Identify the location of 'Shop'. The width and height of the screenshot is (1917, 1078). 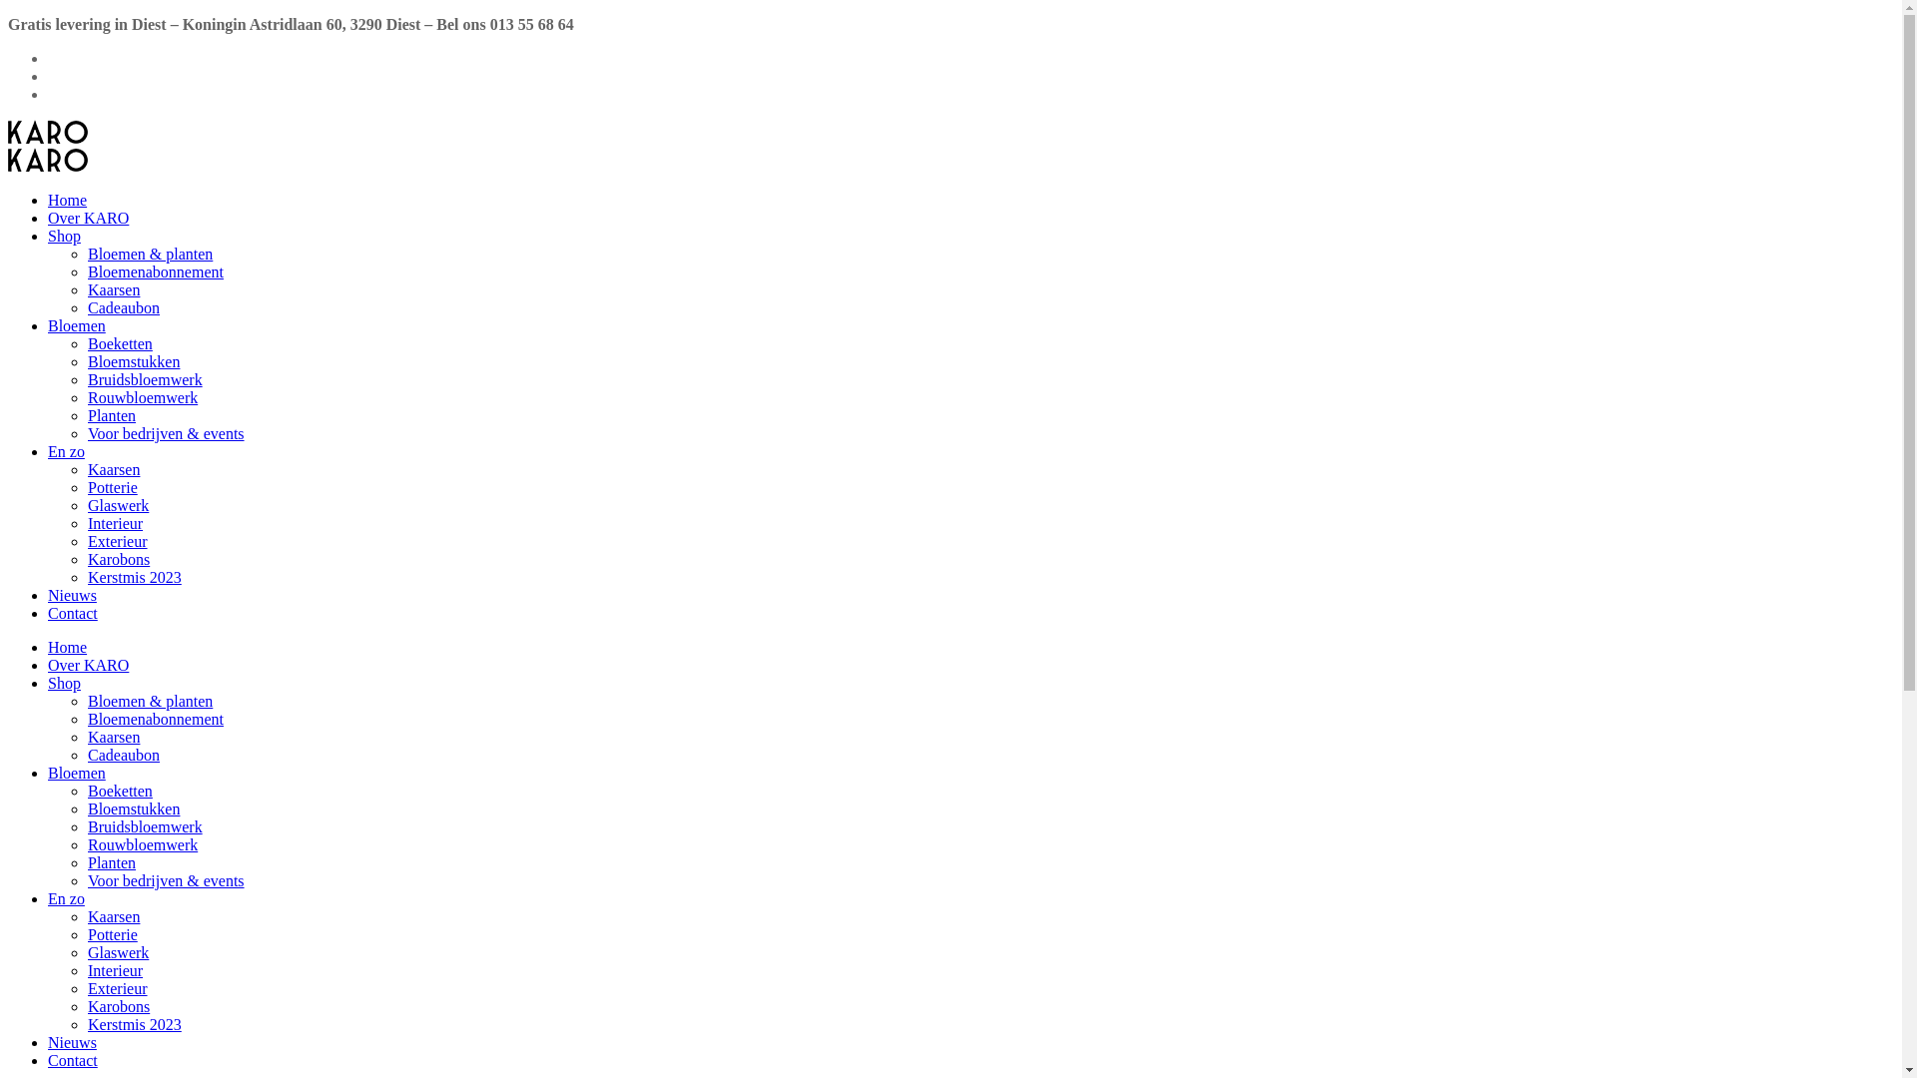
(48, 235).